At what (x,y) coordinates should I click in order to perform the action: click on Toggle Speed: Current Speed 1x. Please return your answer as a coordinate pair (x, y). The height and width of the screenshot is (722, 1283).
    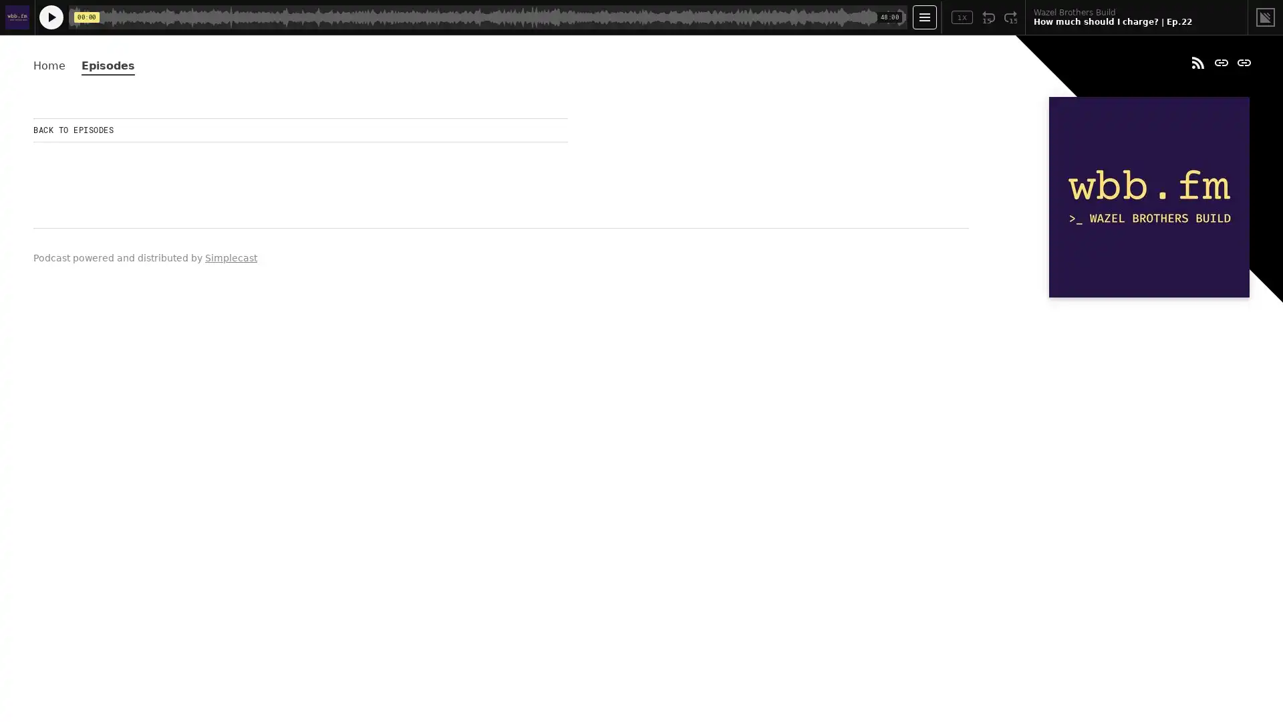
    Looking at the image, I should click on (962, 17).